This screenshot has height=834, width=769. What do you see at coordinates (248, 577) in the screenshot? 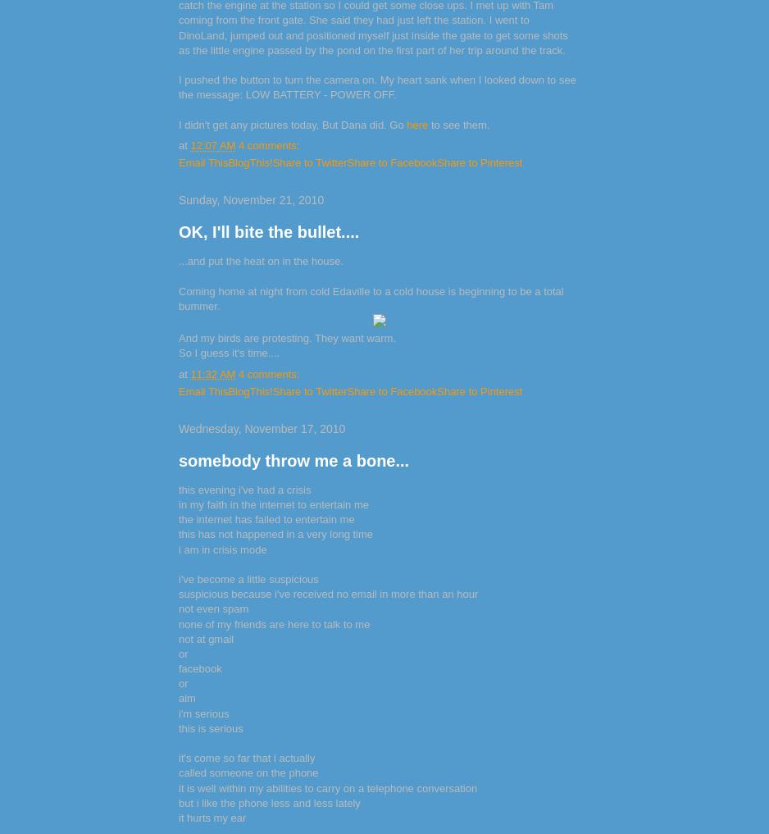
I see `'i've become a little suspicious'` at bounding box center [248, 577].